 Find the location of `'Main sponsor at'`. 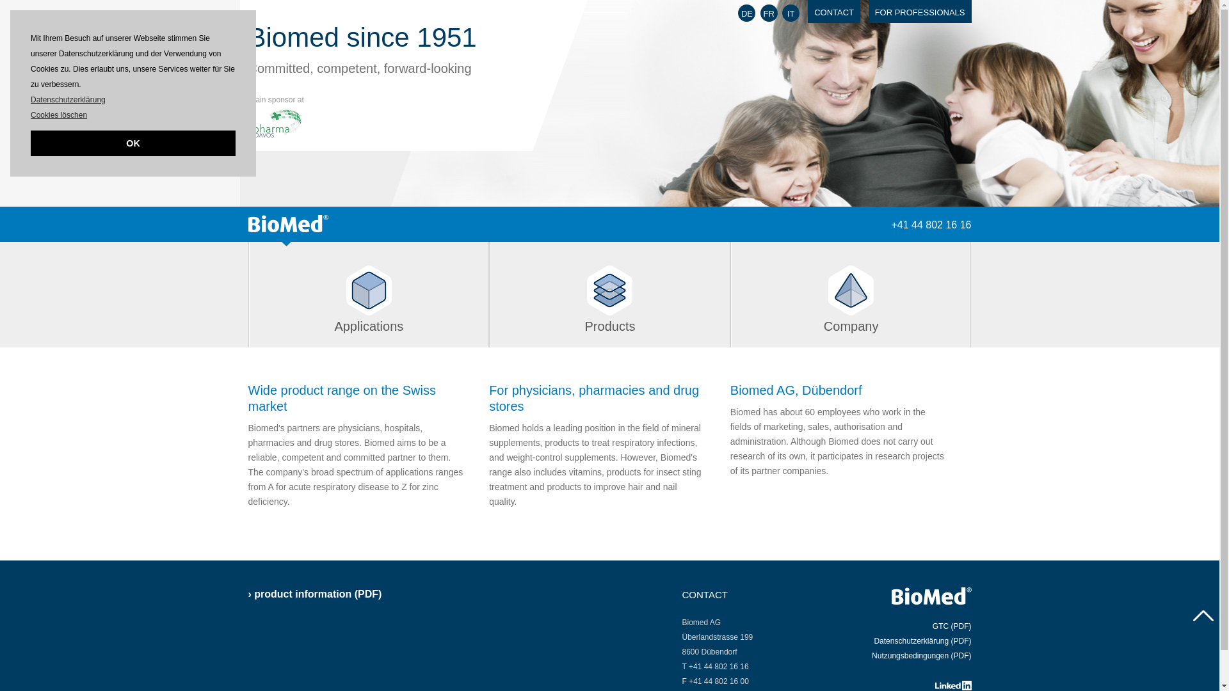

'Main sponsor at' is located at coordinates (276, 110).